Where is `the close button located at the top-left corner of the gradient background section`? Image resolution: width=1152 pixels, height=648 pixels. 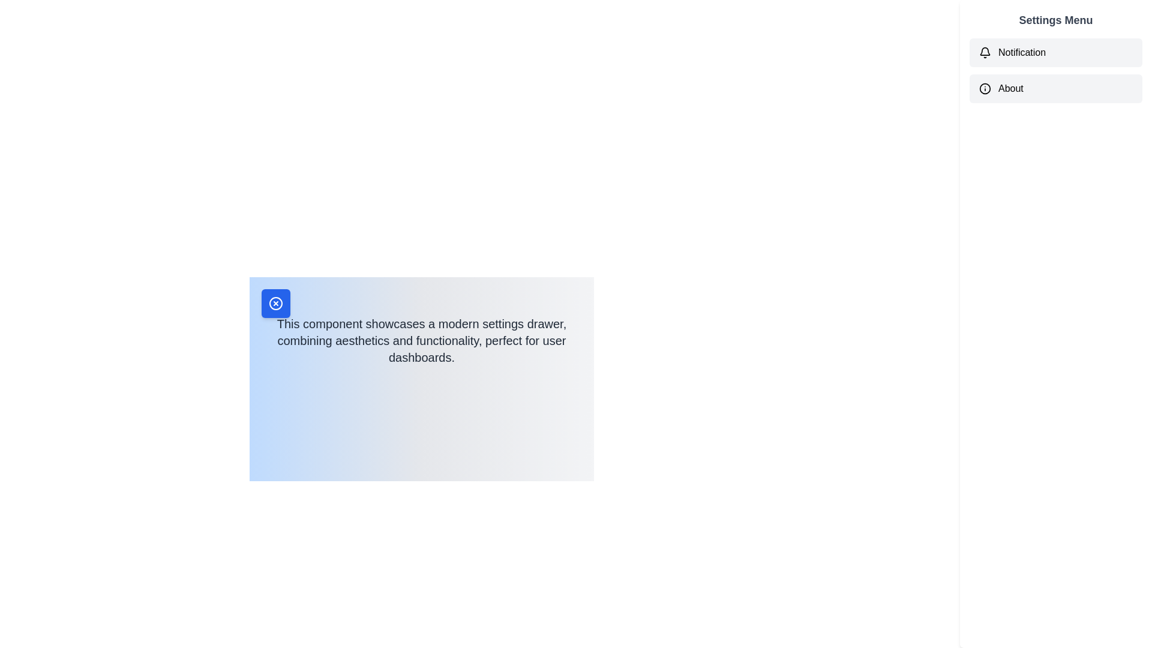 the close button located at the top-left corner of the gradient background section is located at coordinates (275, 302).